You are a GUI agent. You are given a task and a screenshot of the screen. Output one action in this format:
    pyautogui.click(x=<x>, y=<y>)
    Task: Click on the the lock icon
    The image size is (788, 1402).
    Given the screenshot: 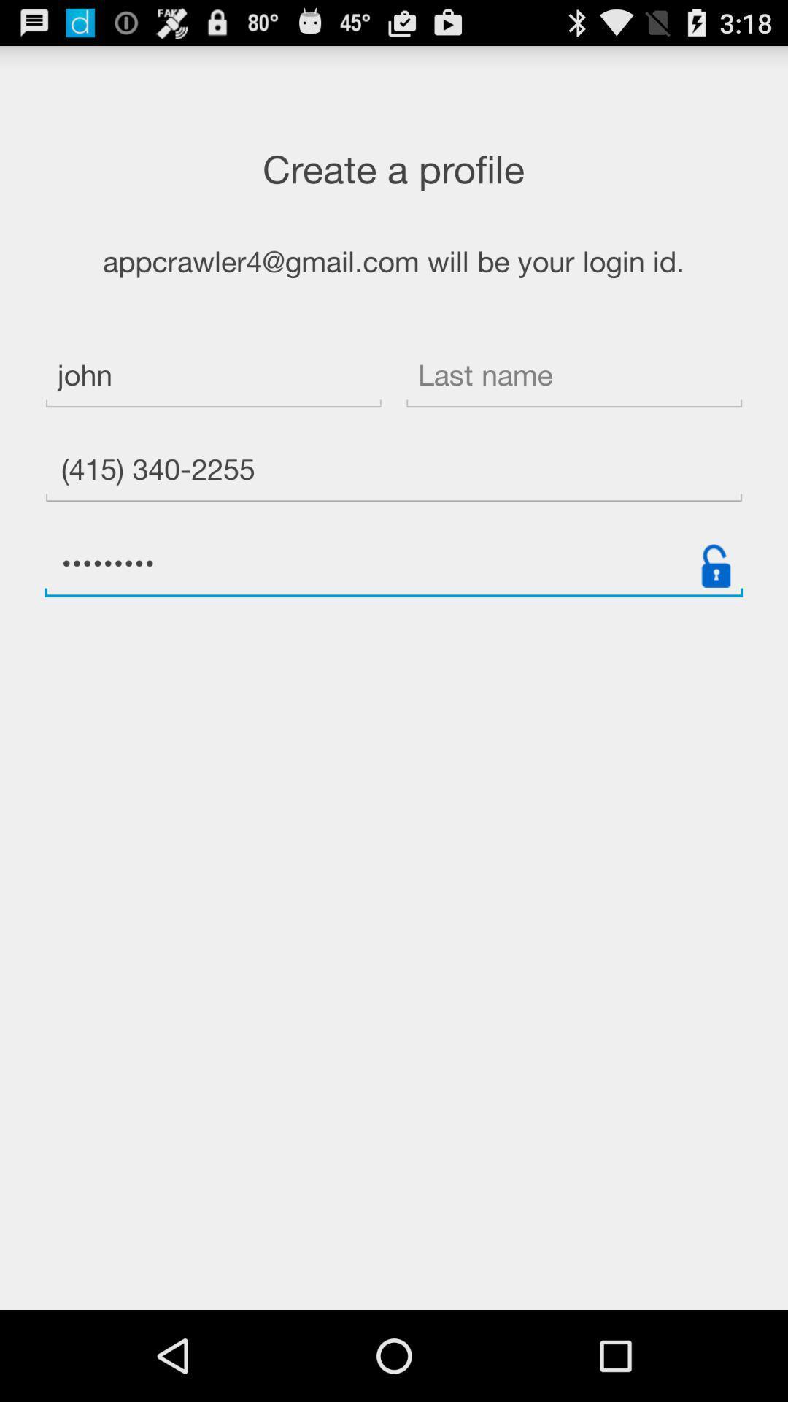 What is the action you would take?
    pyautogui.click(x=715, y=605)
    